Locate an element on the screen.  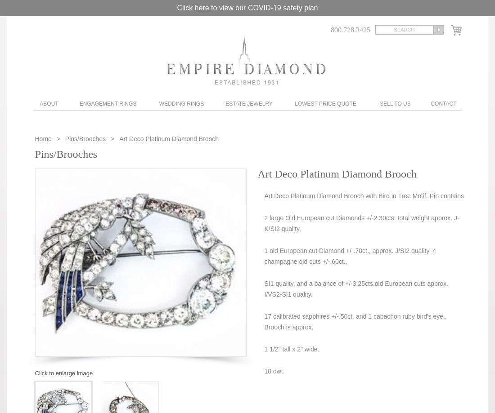
'Home' is located at coordinates (44, 138).